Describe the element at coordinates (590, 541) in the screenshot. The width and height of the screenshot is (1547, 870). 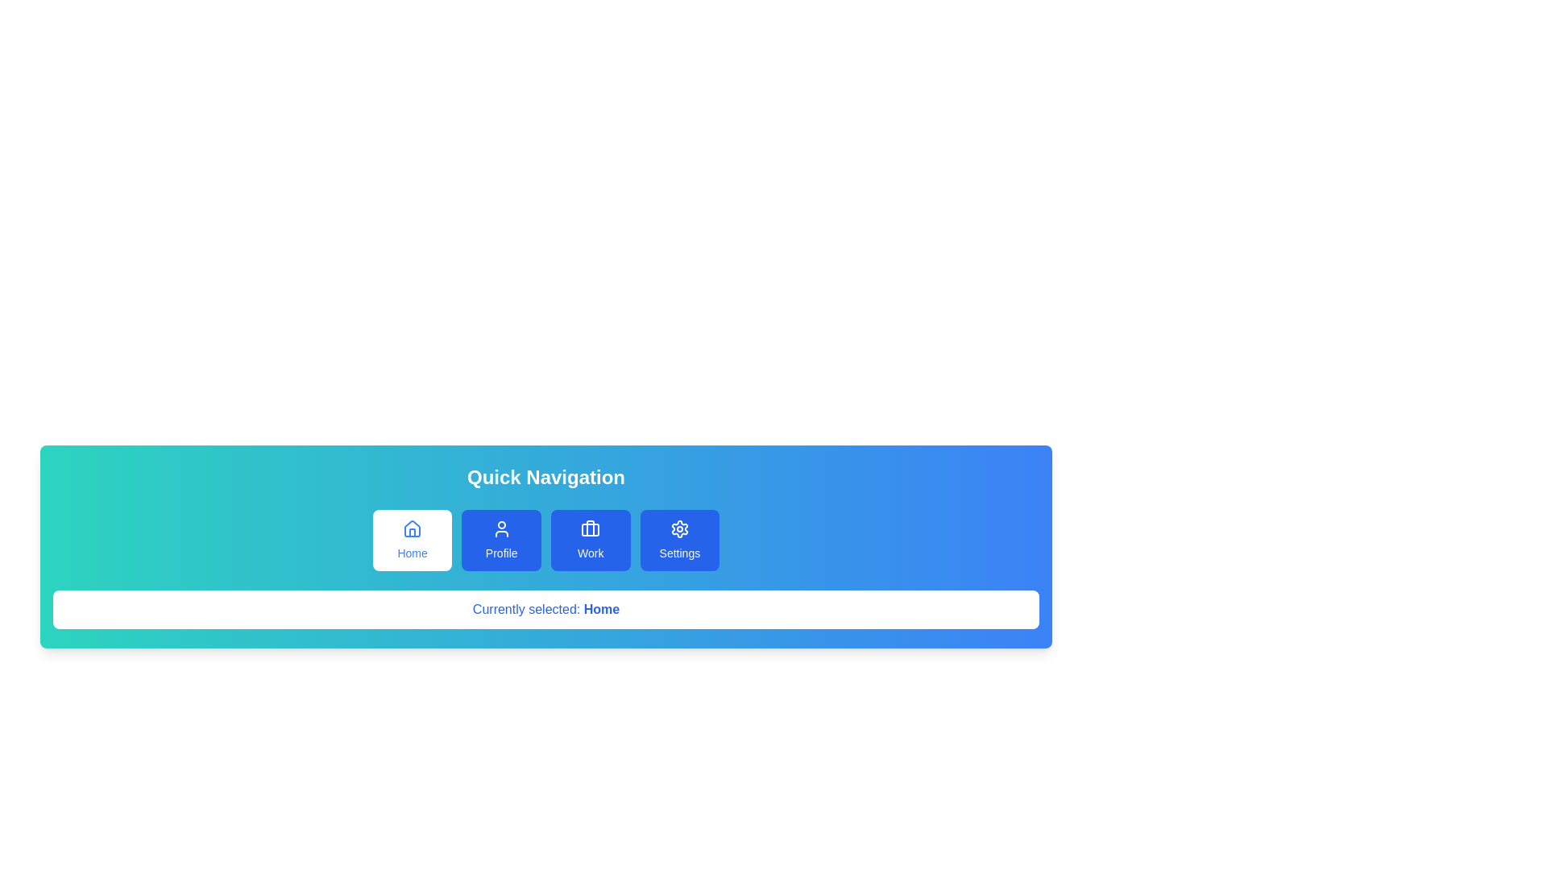
I see `the navigation tab Work` at that location.